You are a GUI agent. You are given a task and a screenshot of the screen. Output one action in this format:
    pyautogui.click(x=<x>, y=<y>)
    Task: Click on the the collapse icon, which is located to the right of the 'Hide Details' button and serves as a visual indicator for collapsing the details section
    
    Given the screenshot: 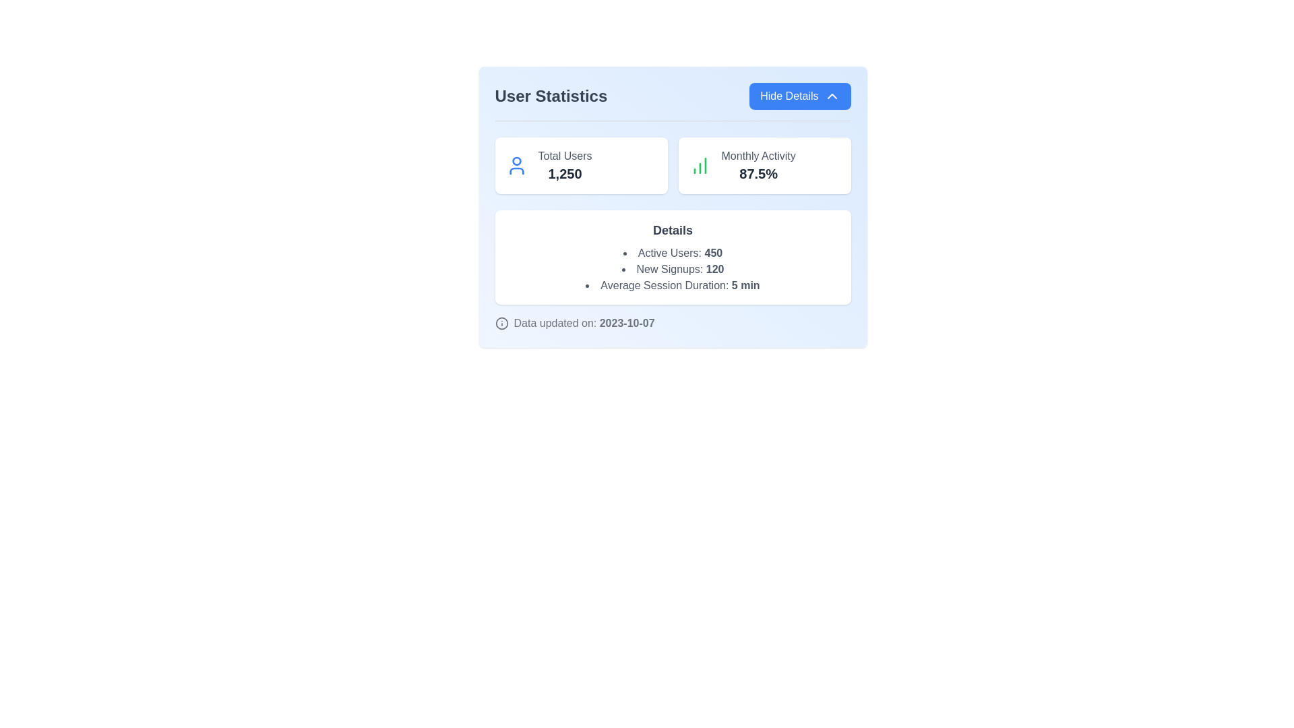 What is the action you would take?
    pyautogui.click(x=831, y=95)
    